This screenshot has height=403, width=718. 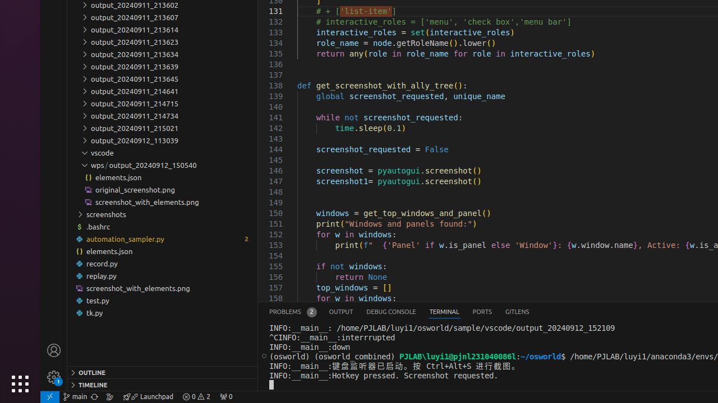 I want to click on 'output_20240912_150540, compact, wps', so click(x=152, y=165).